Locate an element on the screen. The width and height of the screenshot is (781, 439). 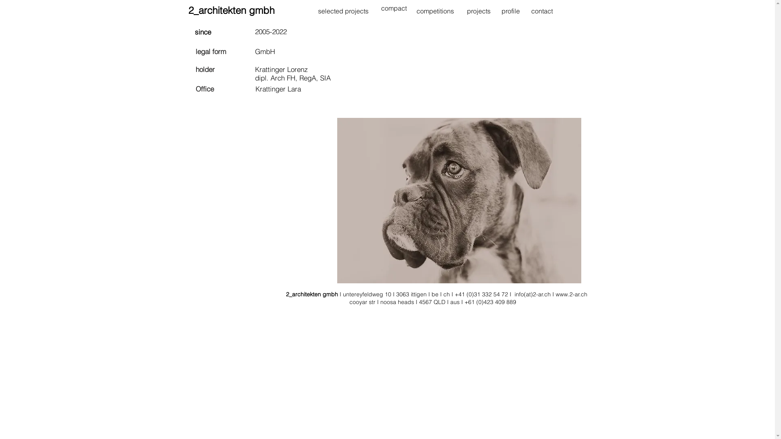
'projects' is located at coordinates (478, 11).